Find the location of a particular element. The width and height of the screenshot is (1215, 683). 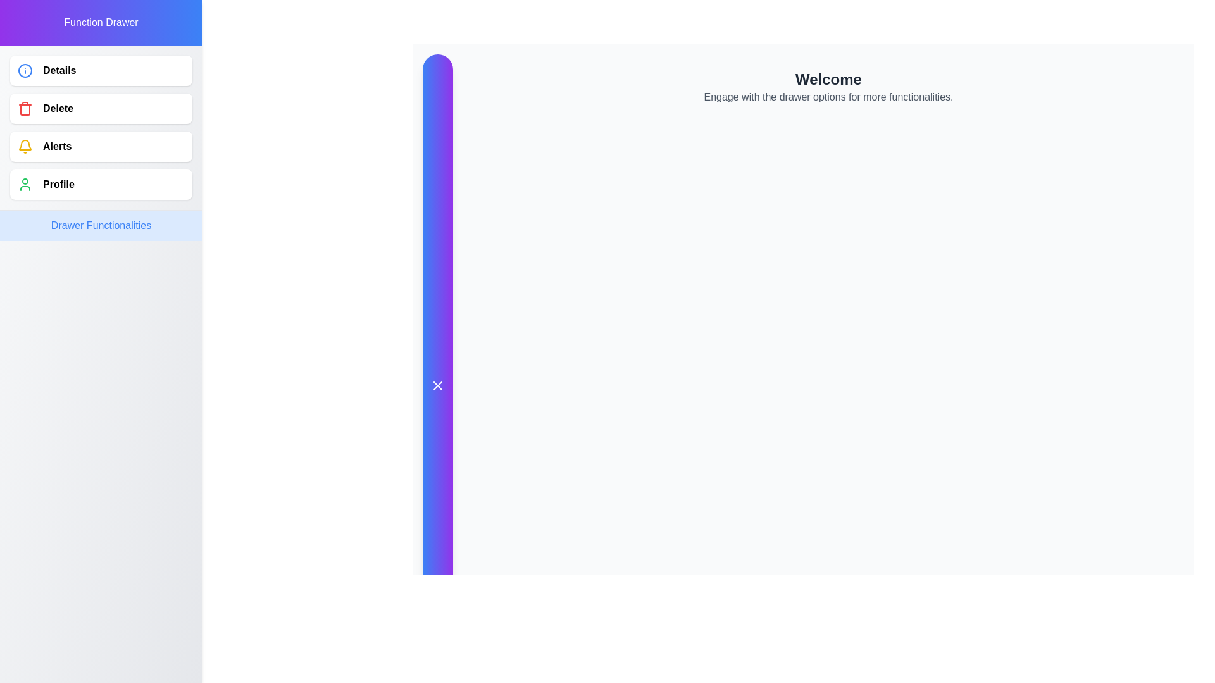

the first menu option text label with an icon located directly beneath the 'Function Drawer' header is located at coordinates (59, 70).